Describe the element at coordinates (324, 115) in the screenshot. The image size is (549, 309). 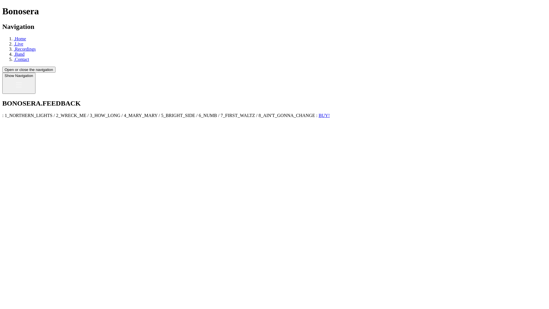
I see `'BUY!'` at that location.